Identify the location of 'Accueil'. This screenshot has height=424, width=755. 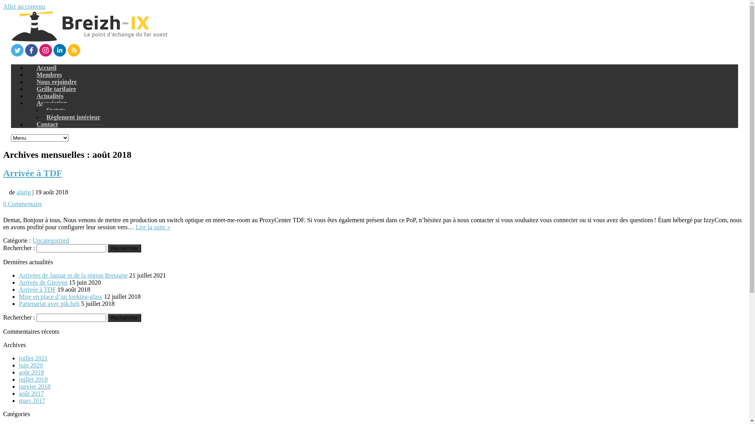
(46, 67).